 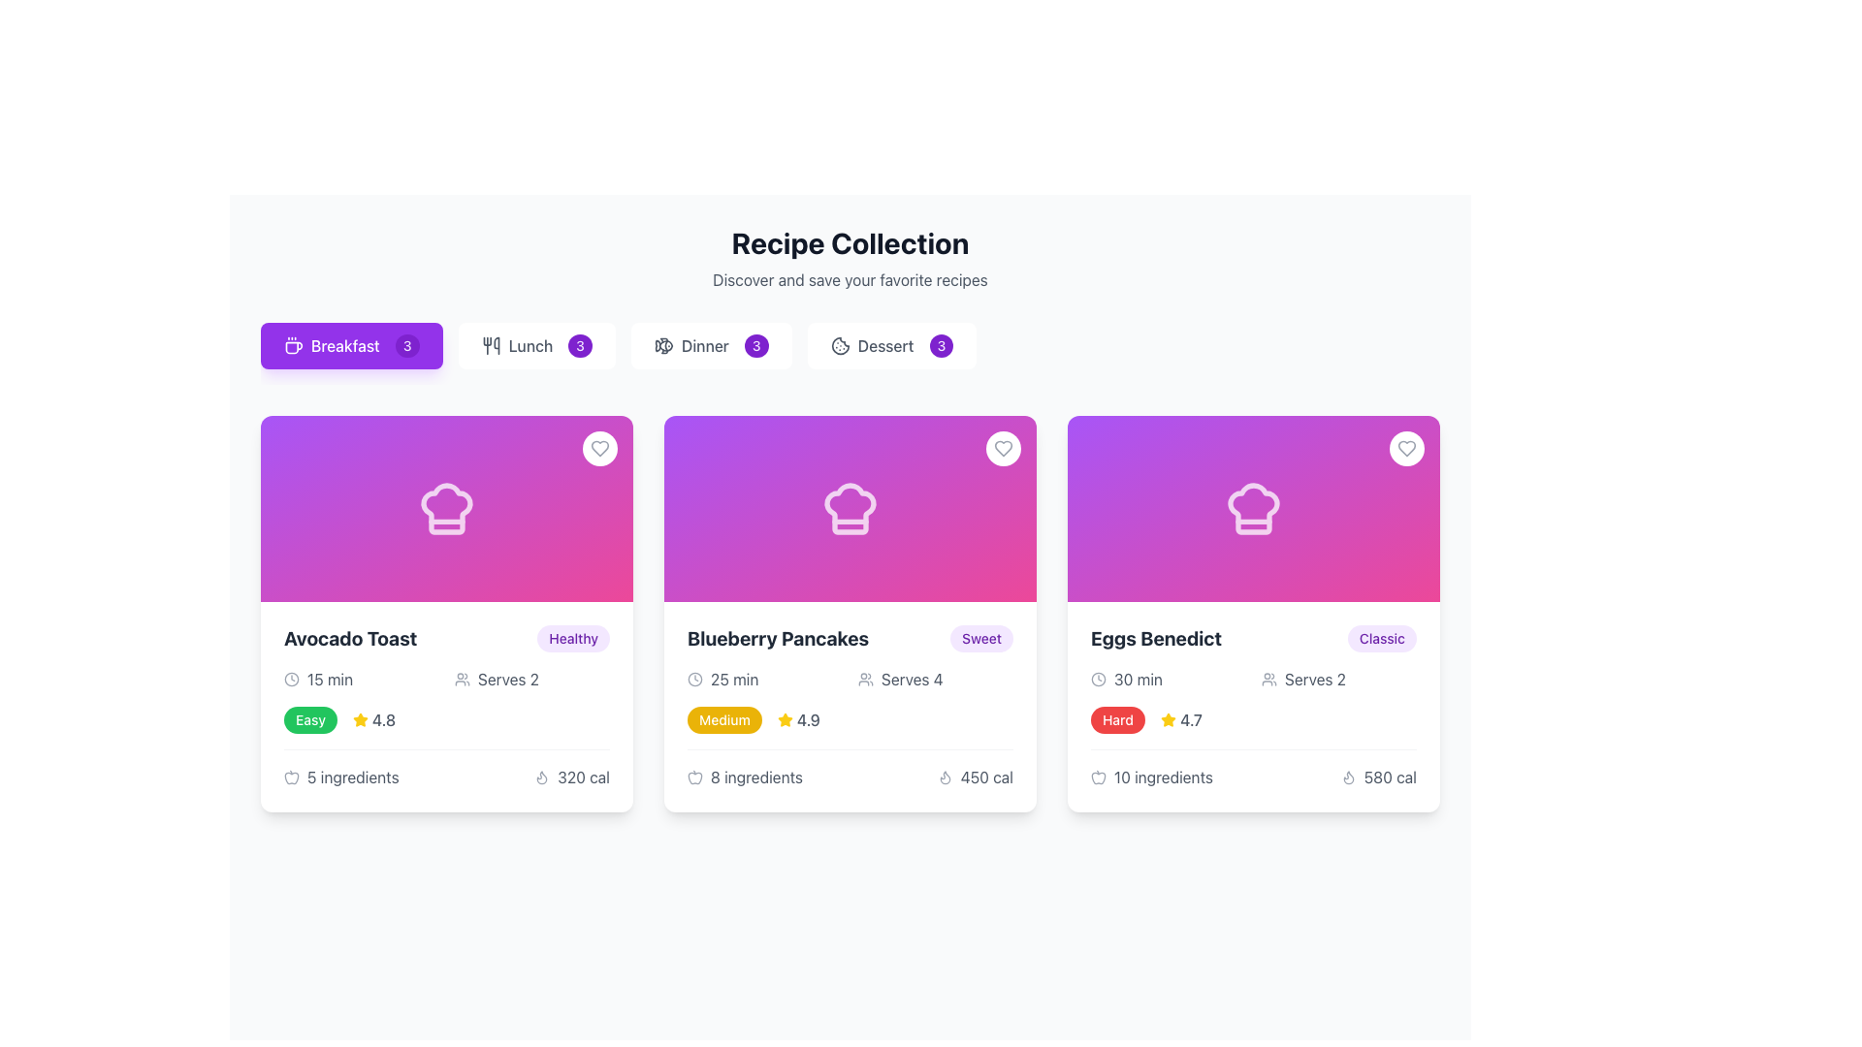 I want to click on the calorie count text displaying the calorie count for 'Avocado Toast', located in the bottom-right corner of the card, to the right of the flame icon, so click(x=583, y=777).